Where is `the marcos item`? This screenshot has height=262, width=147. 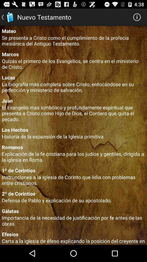 the marcos item is located at coordinates (73, 54).